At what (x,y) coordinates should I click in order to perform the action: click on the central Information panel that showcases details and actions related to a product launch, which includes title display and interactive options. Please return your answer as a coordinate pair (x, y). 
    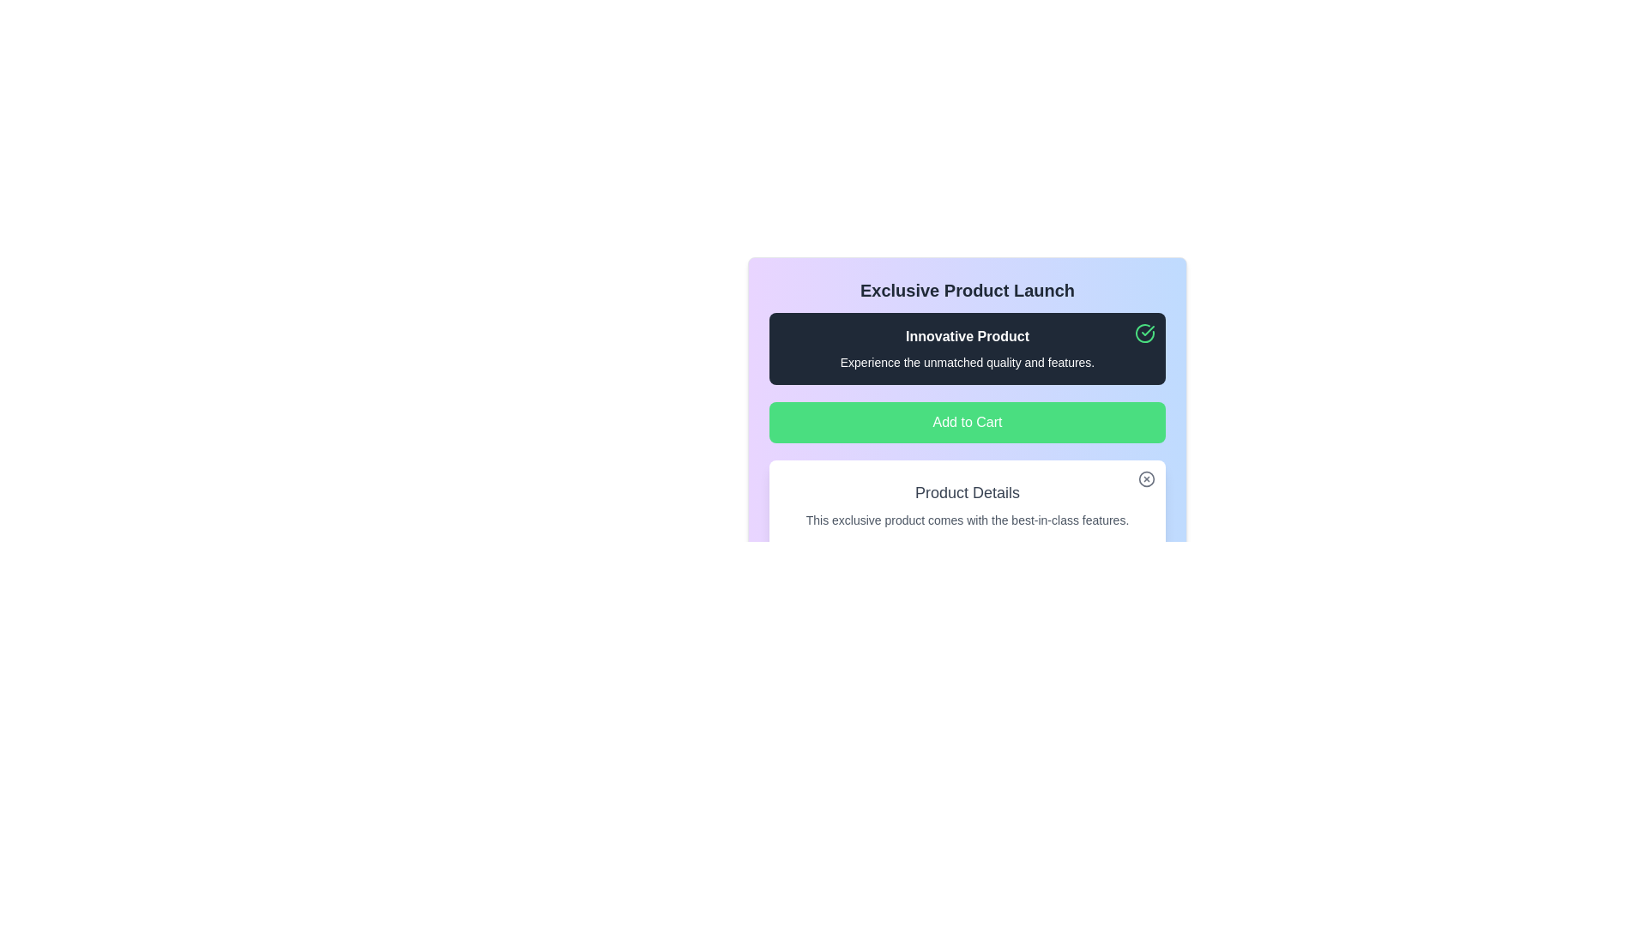
    Looking at the image, I should click on (968, 389).